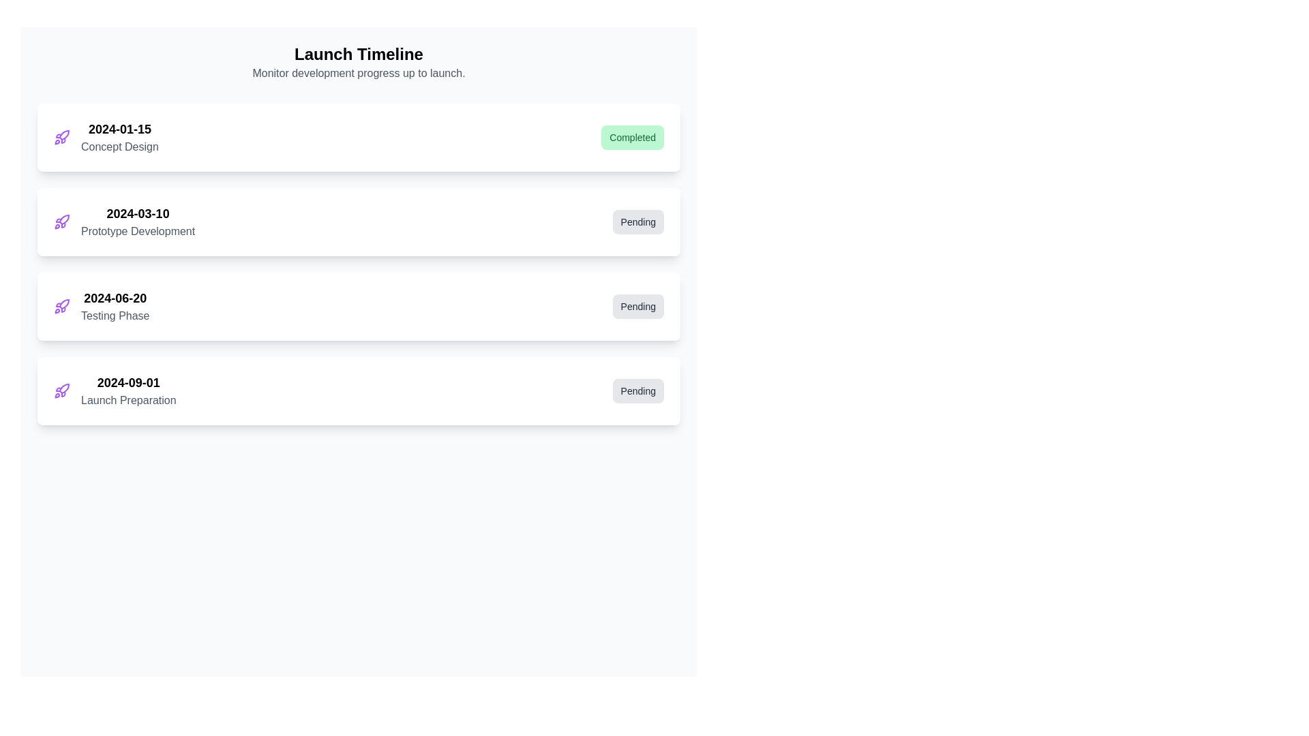 The width and height of the screenshot is (1309, 736). What do you see at coordinates (119, 147) in the screenshot?
I see `the text label displaying 'Concept Design' styled in gray font, located below the date '2024-01-15' in the event list` at bounding box center [119, 147].